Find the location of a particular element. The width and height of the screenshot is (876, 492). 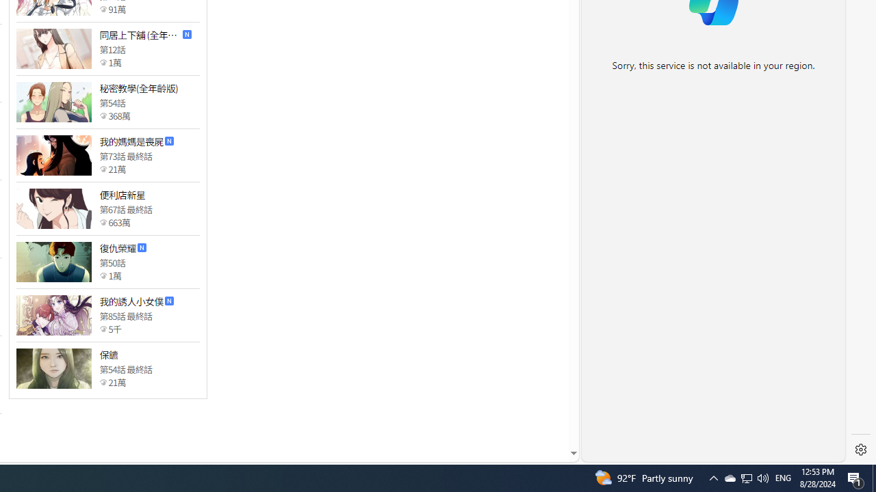

'Class: epicon_starpoint' is located at coordinates (103, 382).